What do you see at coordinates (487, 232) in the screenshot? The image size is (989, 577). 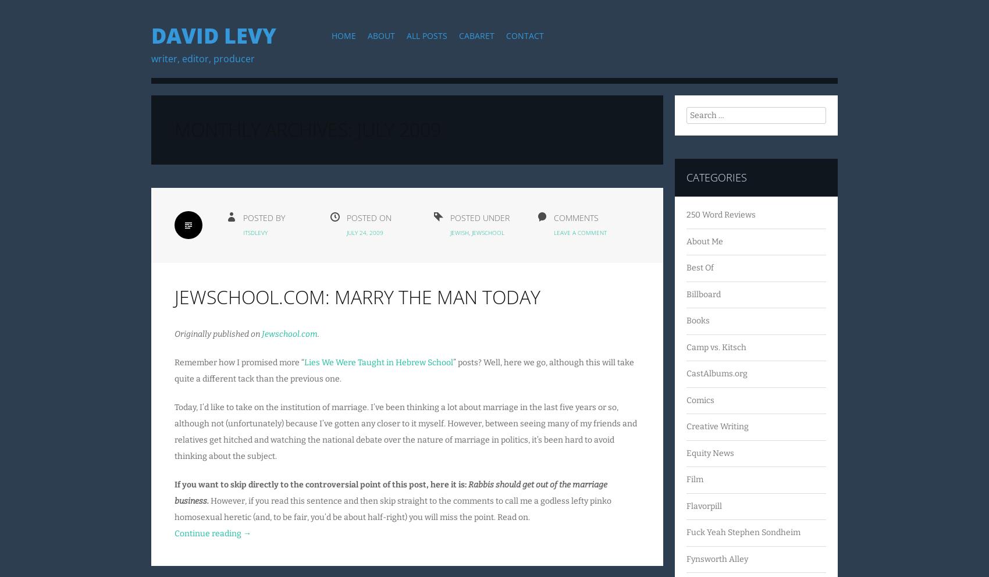 I see `'Jewschool'` at bounding box center [487, 232].